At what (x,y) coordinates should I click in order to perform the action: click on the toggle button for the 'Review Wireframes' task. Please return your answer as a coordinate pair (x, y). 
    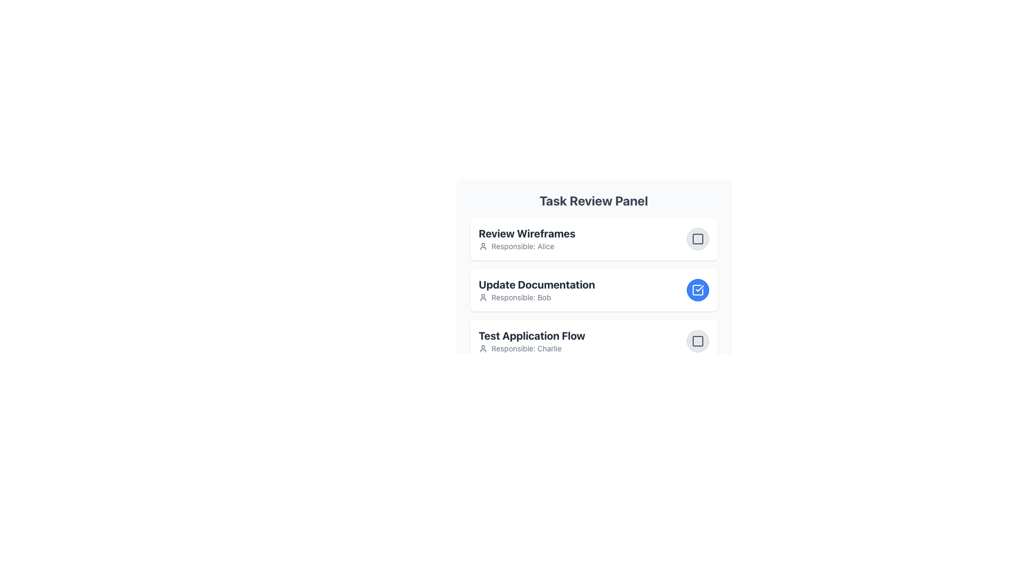
    Looking at the image, I should click on (697, 238).